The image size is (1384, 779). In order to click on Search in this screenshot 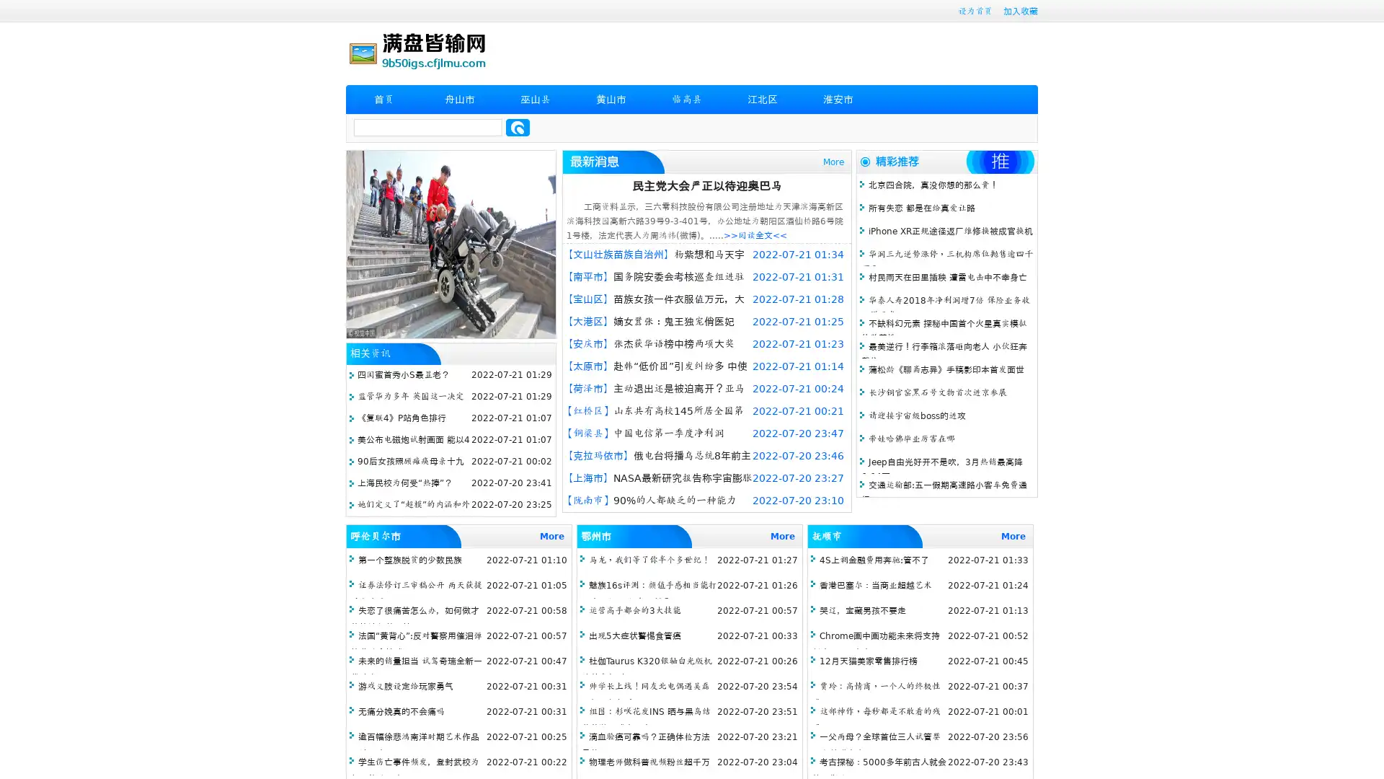, I will do `click(518, 127)`.